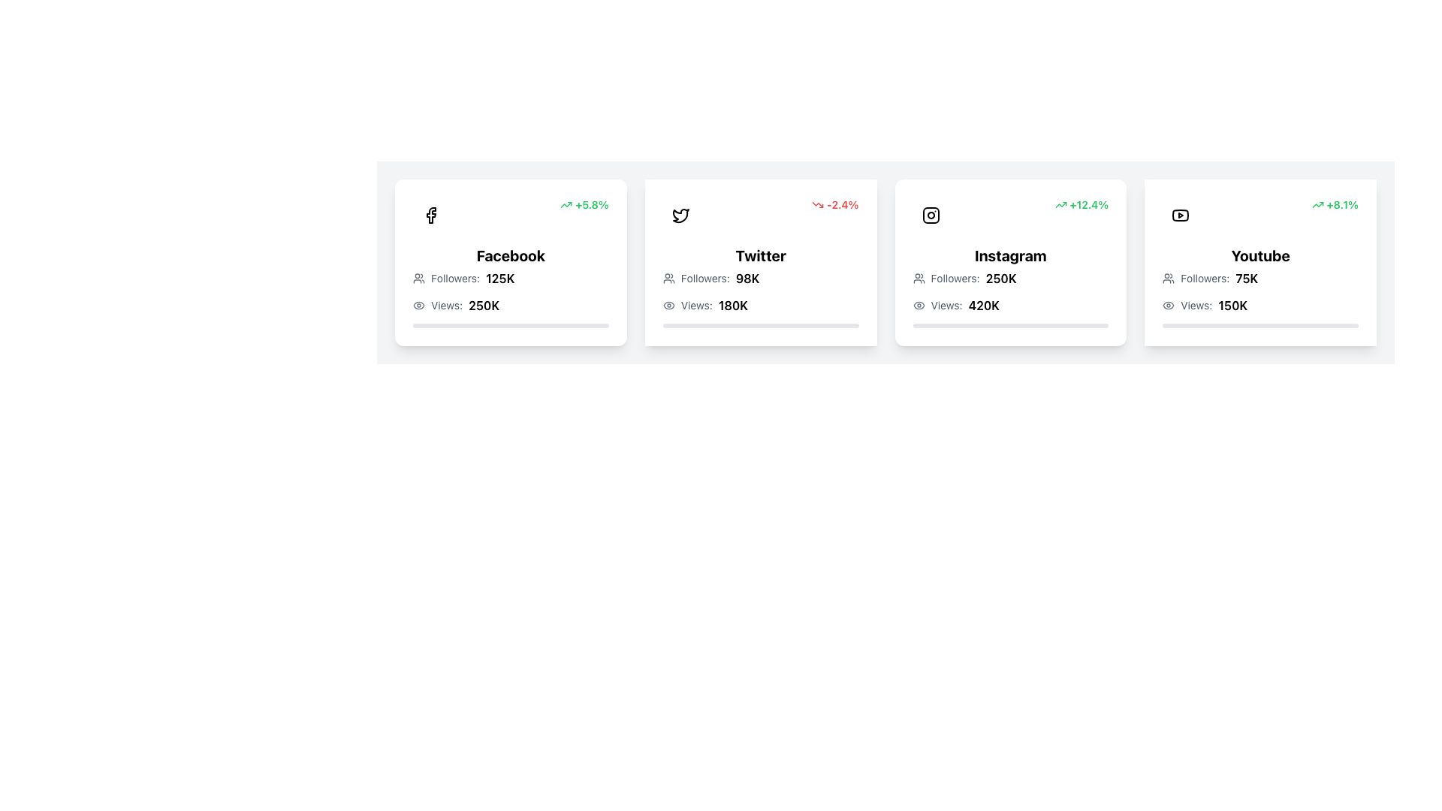 This screenshot has height=811, width=1442. I want to click on the positive trend icon located at the top-right corner of the 'Facebook' card, which is positioned directly left of the green text '+5.8%', so click(566, 205).